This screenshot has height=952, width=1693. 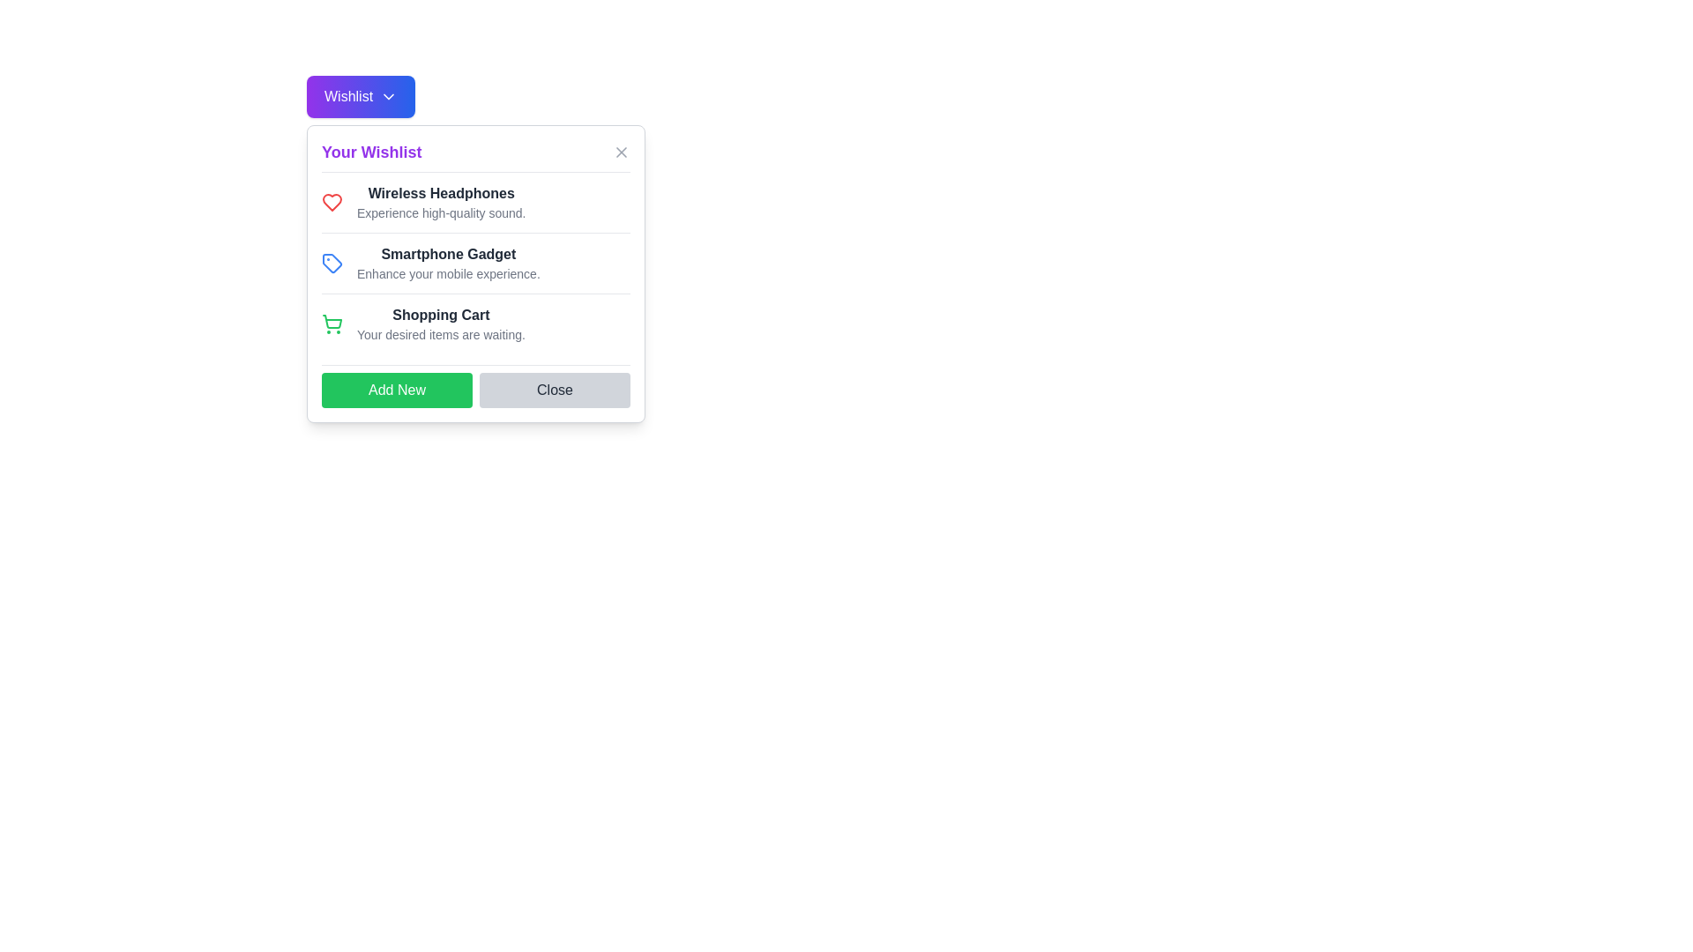 What do you see at coordinates (622, 152) in the screenshot?
I see `the close button located in the top-right corner of the 'Your Wishlist' modal` at bounding box center [622, 152].